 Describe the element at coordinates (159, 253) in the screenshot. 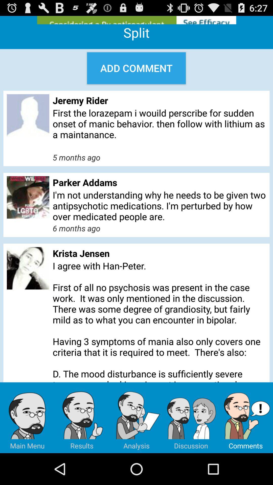

I see `the krista jensen` at that location.